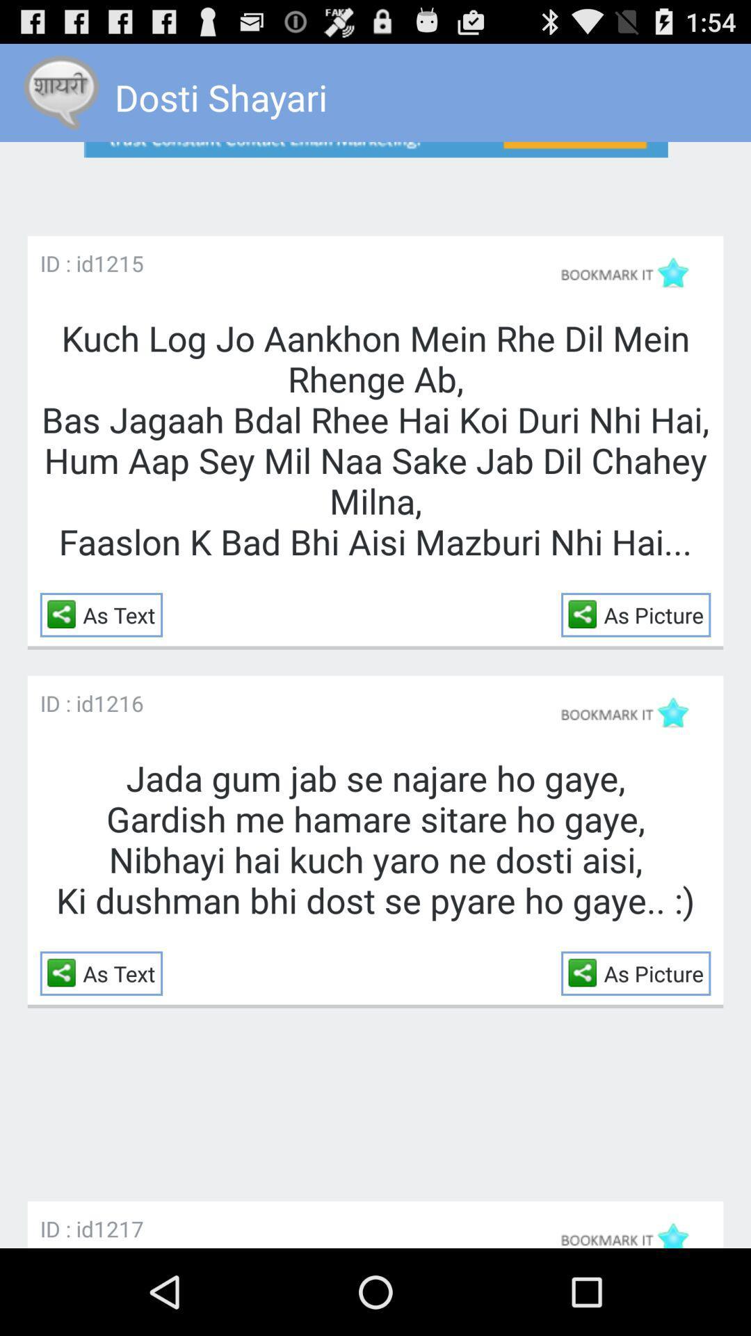 The image size is (751, 1336). Describe the element at coordinates (118, 703) in the screenshot. I see `the item below the as text icon` at that location.